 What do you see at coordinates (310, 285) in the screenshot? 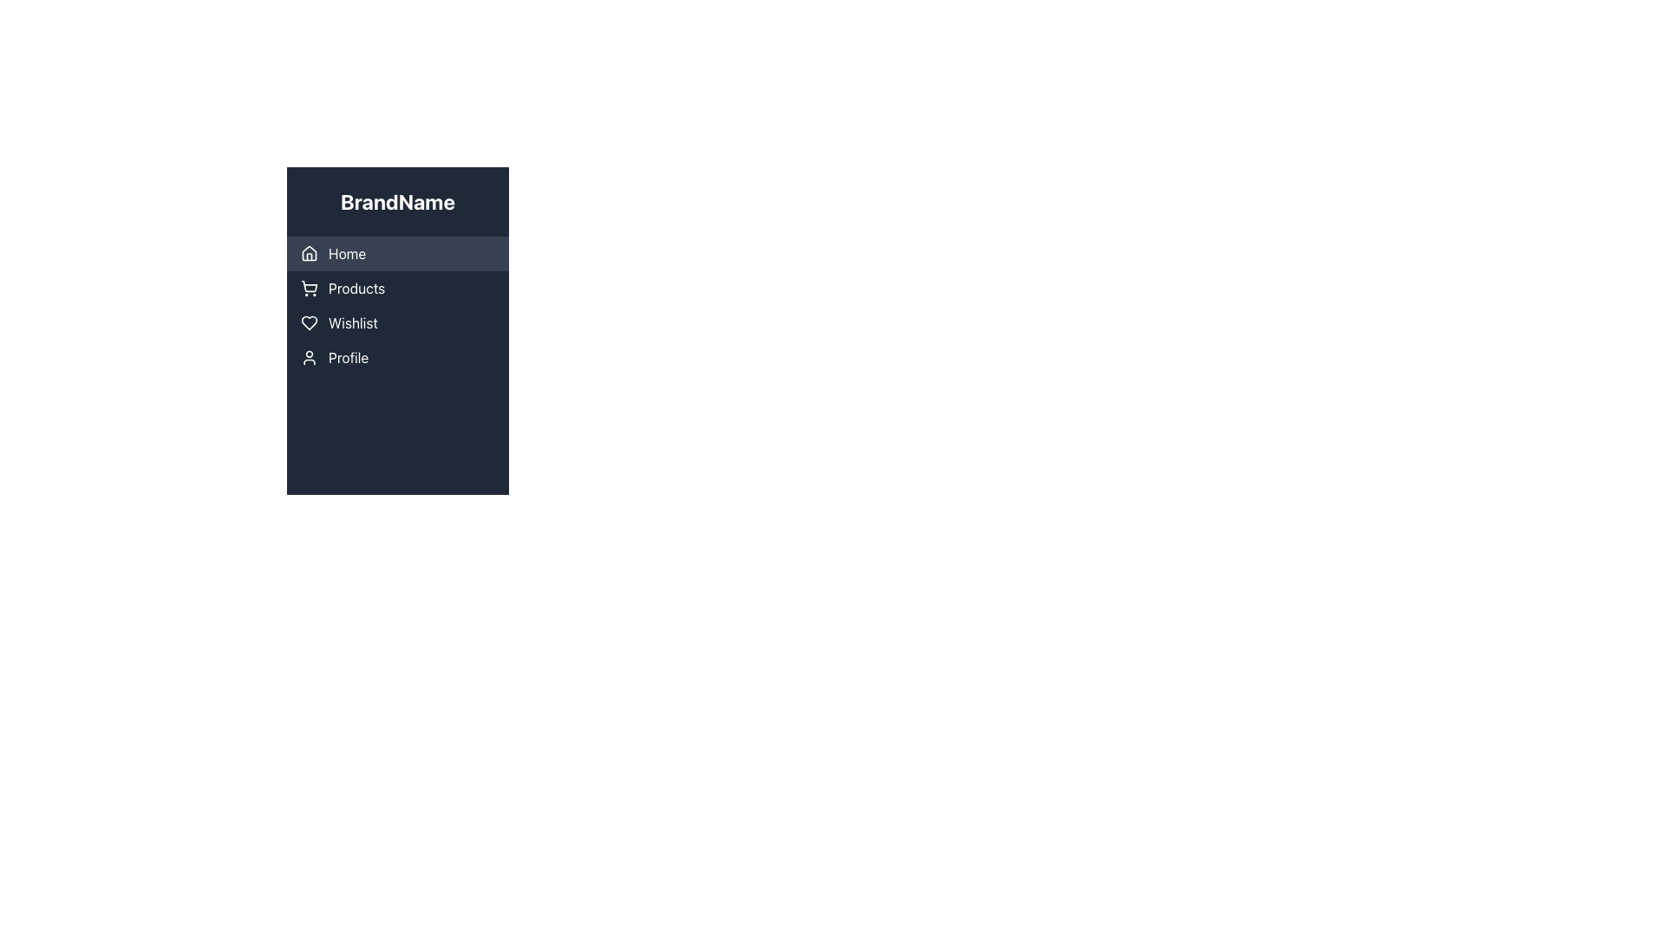
I see `the shopping cart icon located next to the 'Products' label in the 'BrandName' side menu` at bounding box center [310, 285].